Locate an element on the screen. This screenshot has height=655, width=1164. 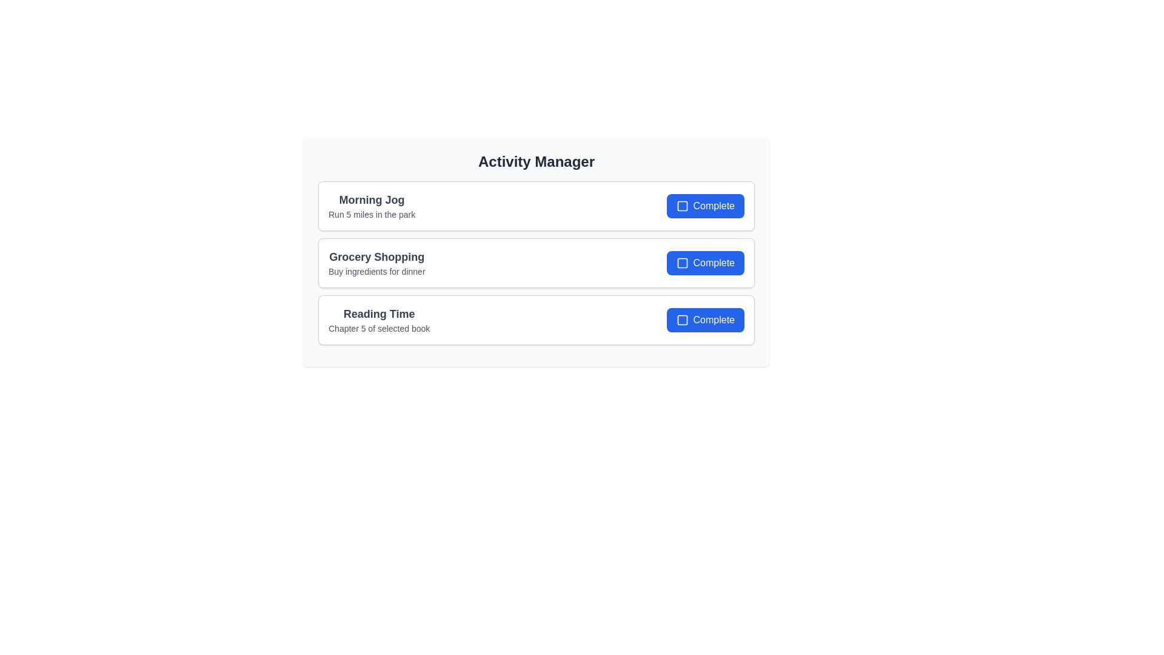
the text label displaying 'Chapter 5 of selected book' is located at coordinates (378, 329).